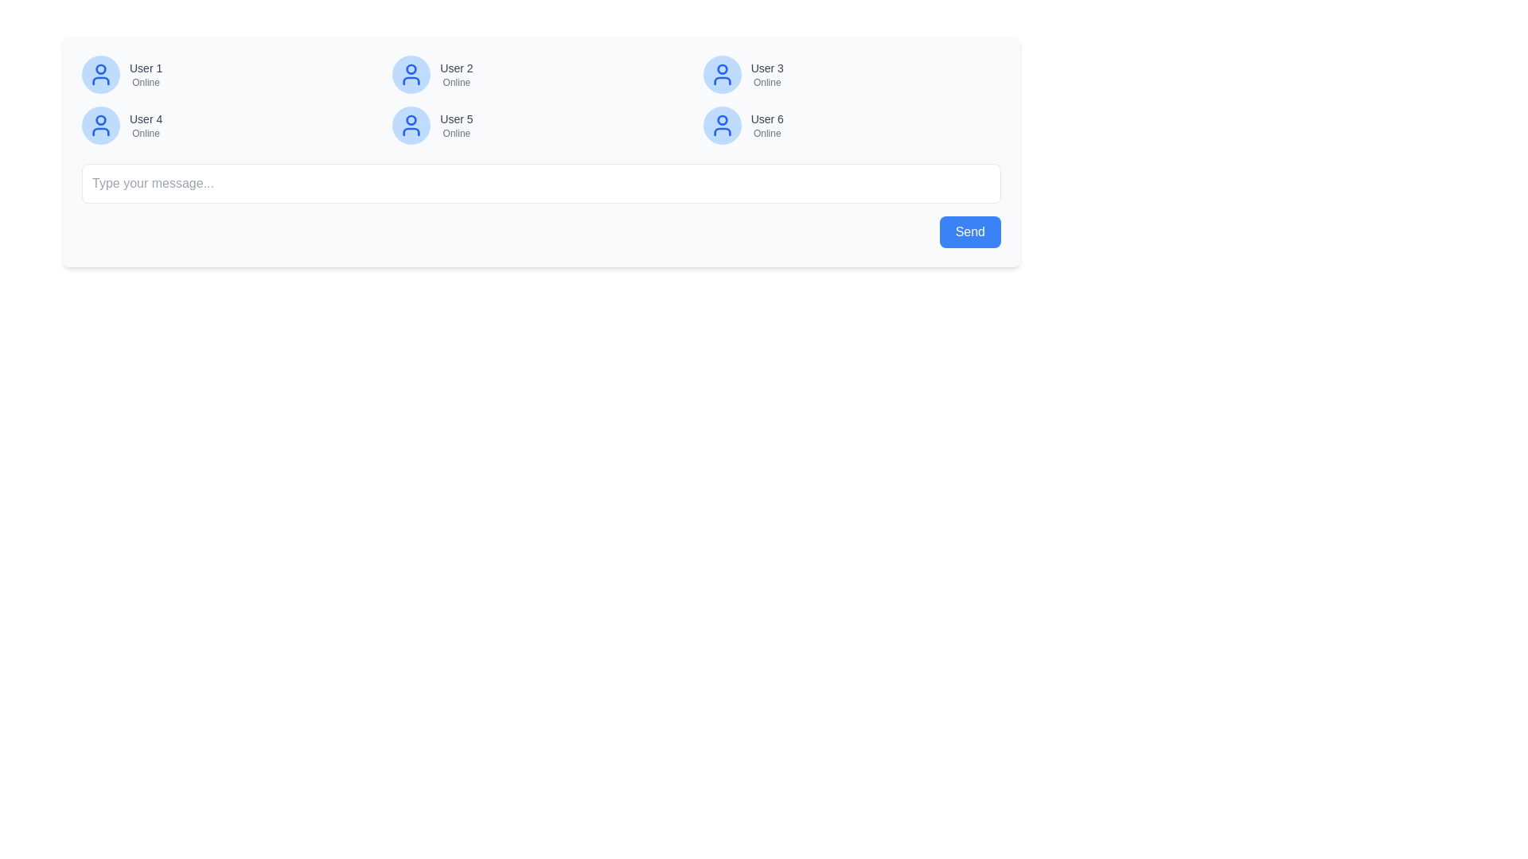 The height and width of the screenshot is (859, 1528). Describe the element at coordinates (146, 133) in the screenshot. I see `the text label indicating the online status of 'User 4', which is located directly below the name 'User 4' in the user information section` at that location.